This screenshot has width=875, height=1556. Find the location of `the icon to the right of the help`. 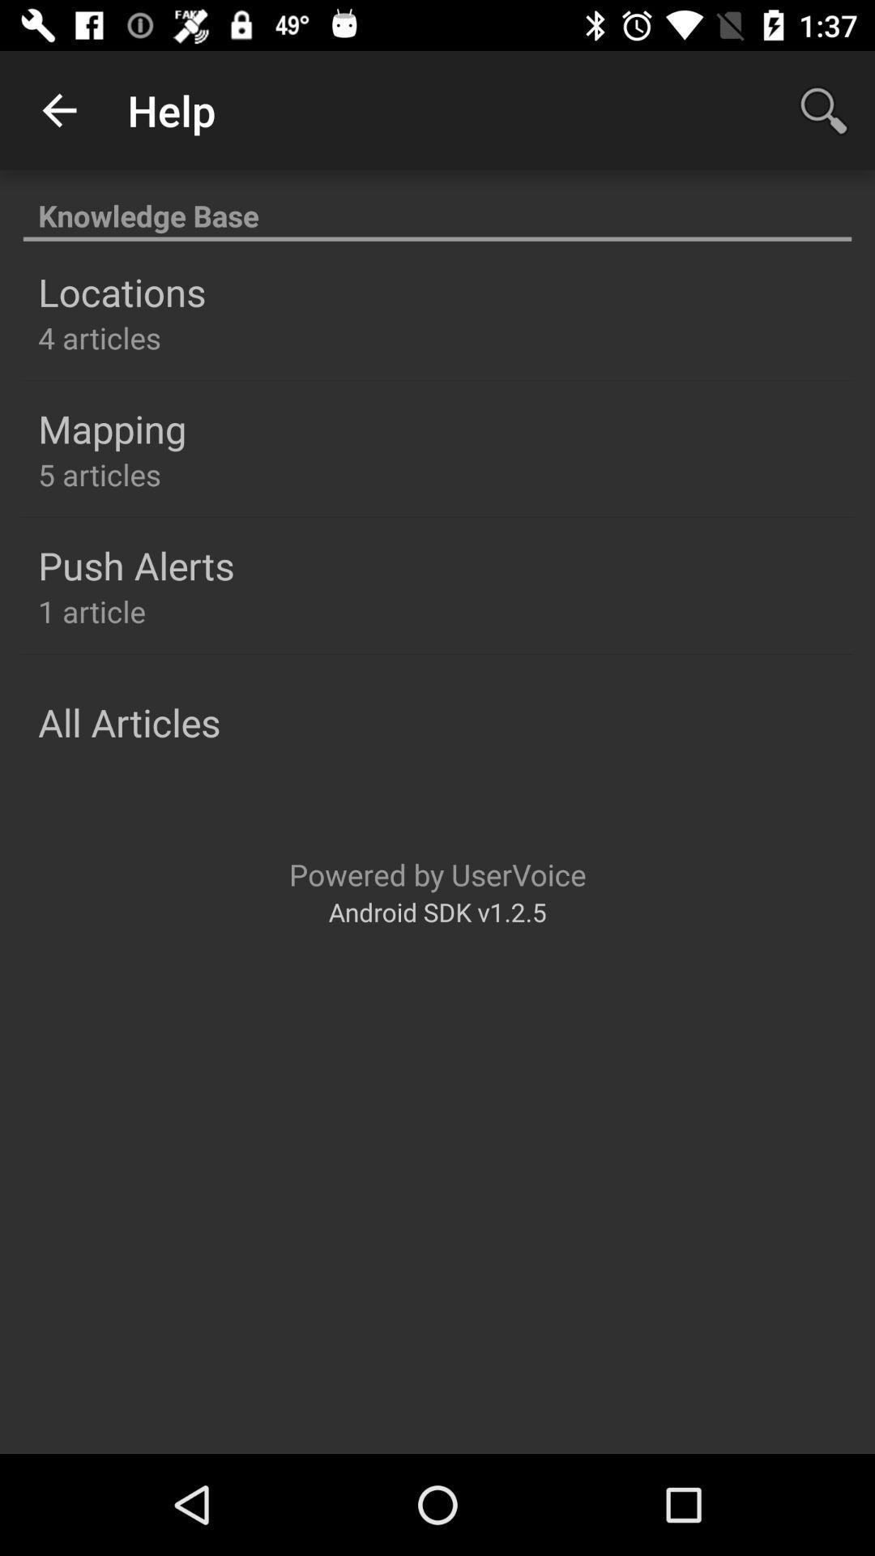

the icon to the right of the help is located at coordinates (824, 109).